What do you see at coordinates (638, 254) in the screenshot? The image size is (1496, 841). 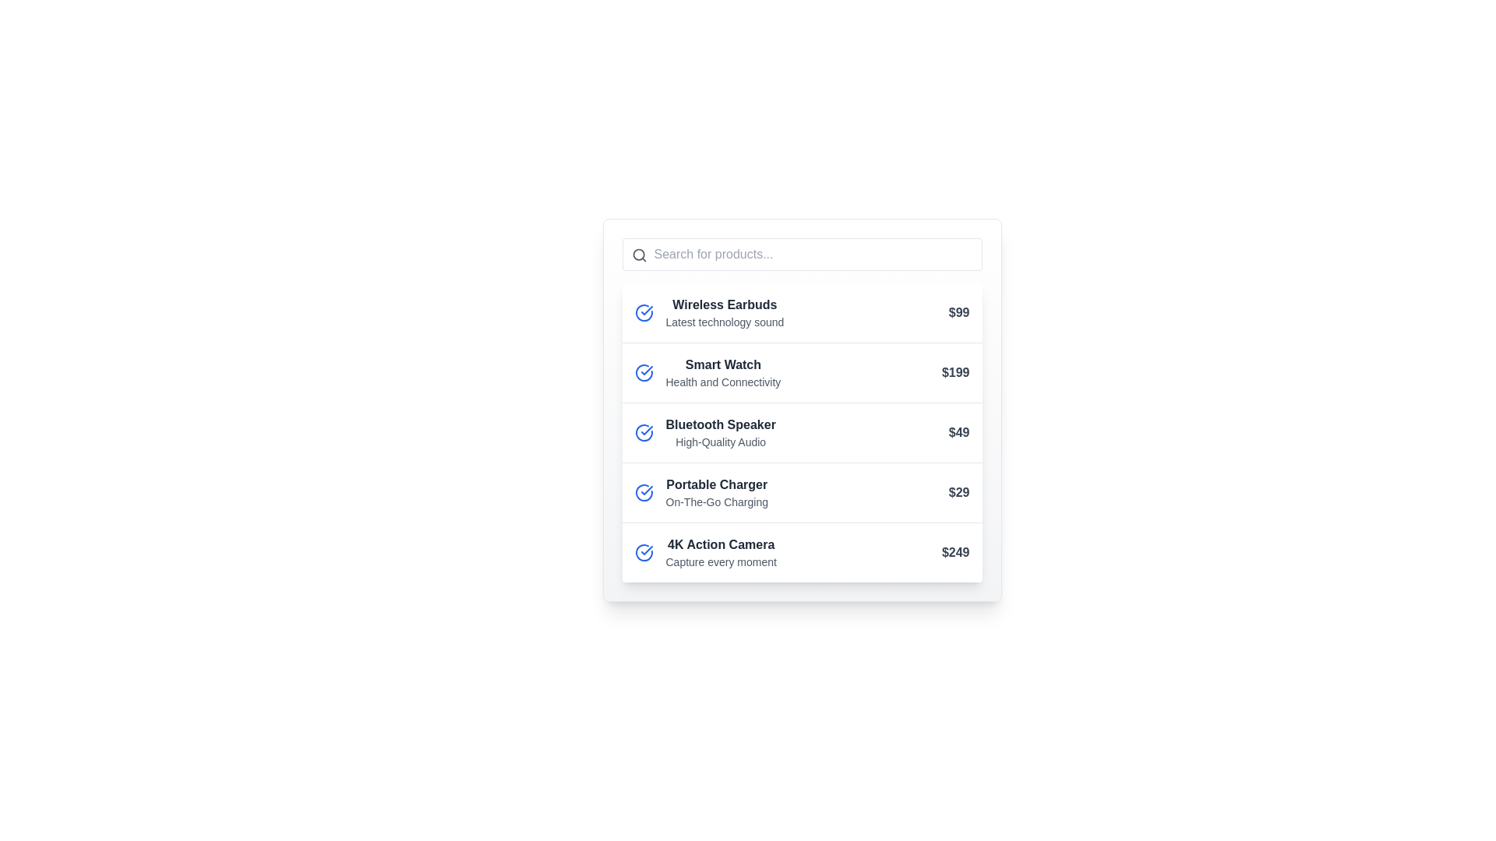 I see `the inner circle of the magnifying glass icon located at the center of the search bar` at bounding box center [638, 254].